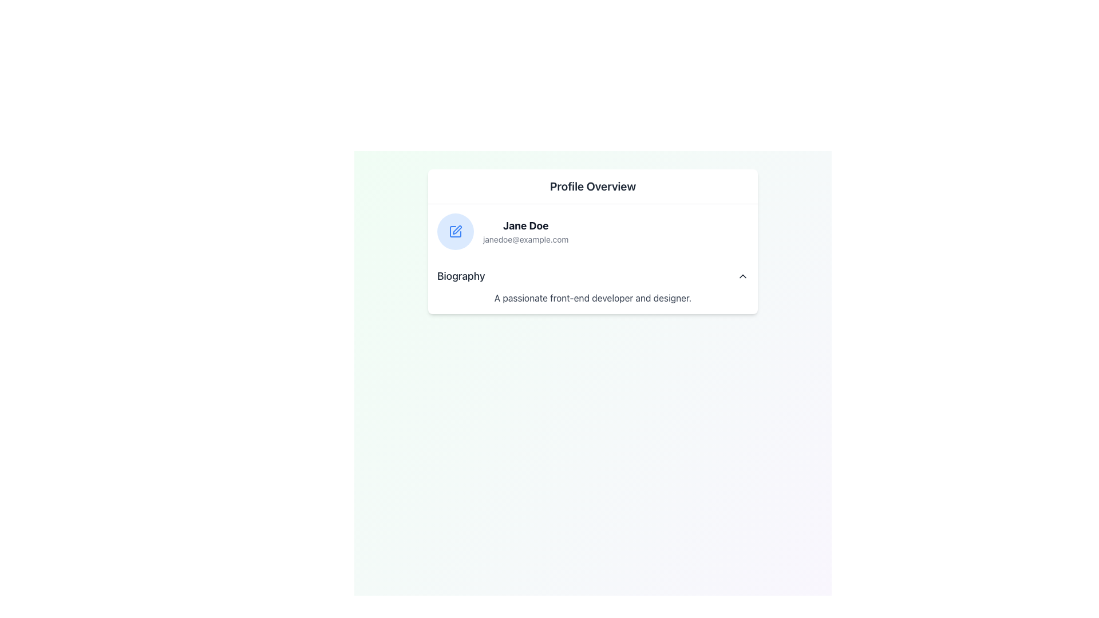 The image size is (1099, 618). What do you see at coordinates (525, 232) in the screenshot?
I see `information displayed in the Text Display showing the user name 'Jane Doe' and email 'janedoe@example.com' located on the right-hand side of the profile overview card` at bounding box center [525, 232].